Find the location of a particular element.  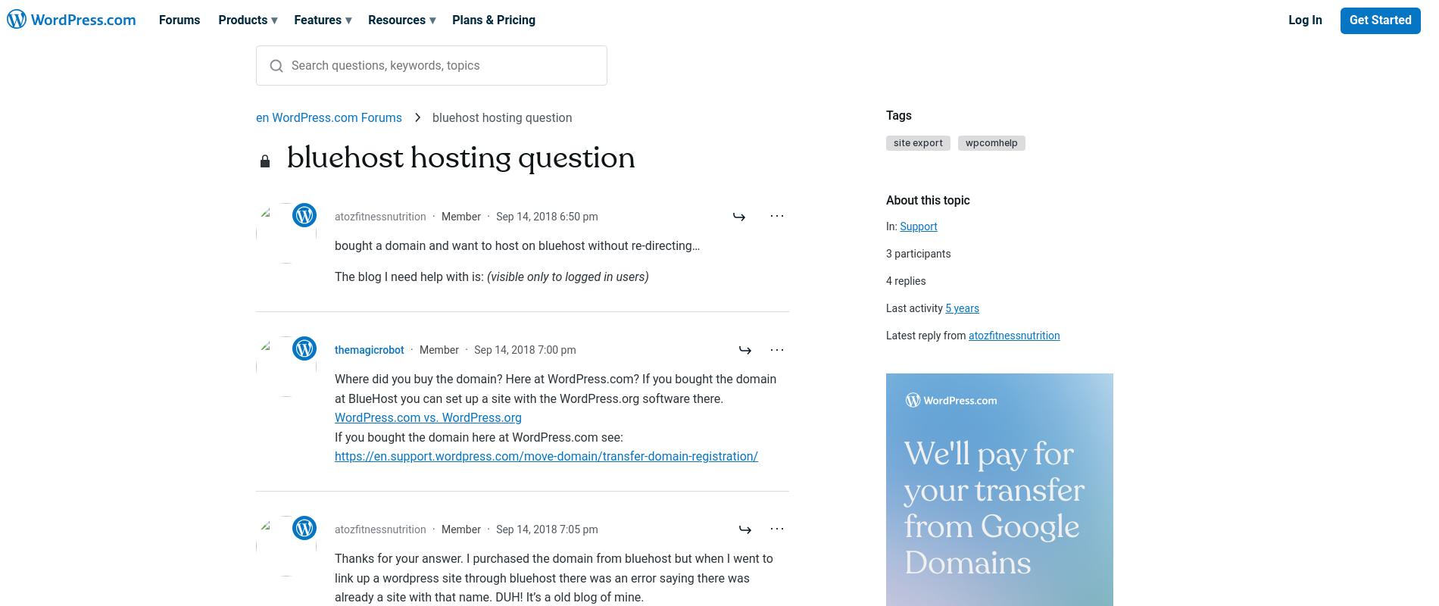

'Oldest' is located at coordinates (900, 169).